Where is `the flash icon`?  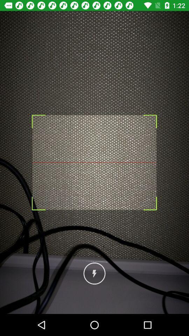
the flash icon is located at coordinates (94, 273).